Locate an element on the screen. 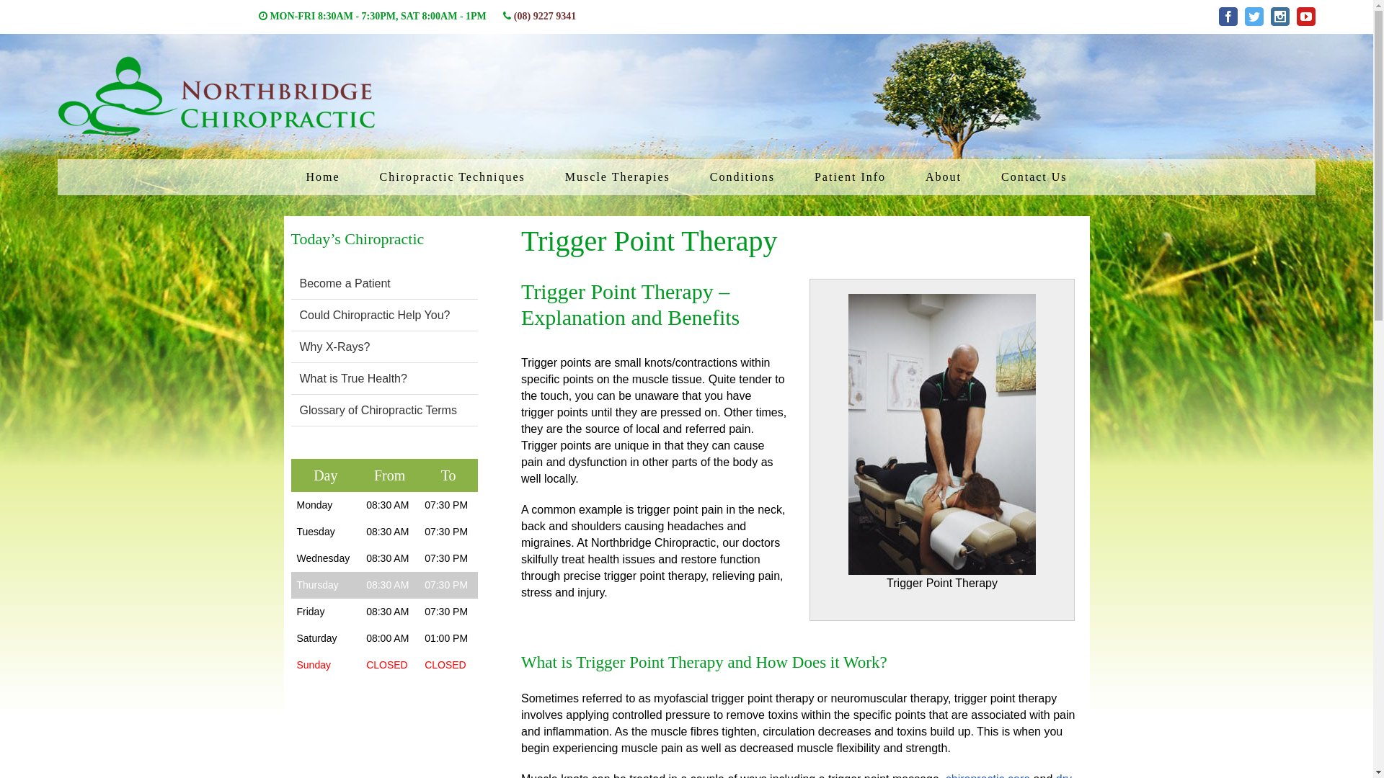  'Twitter' is located at coordinates (1253, 17).